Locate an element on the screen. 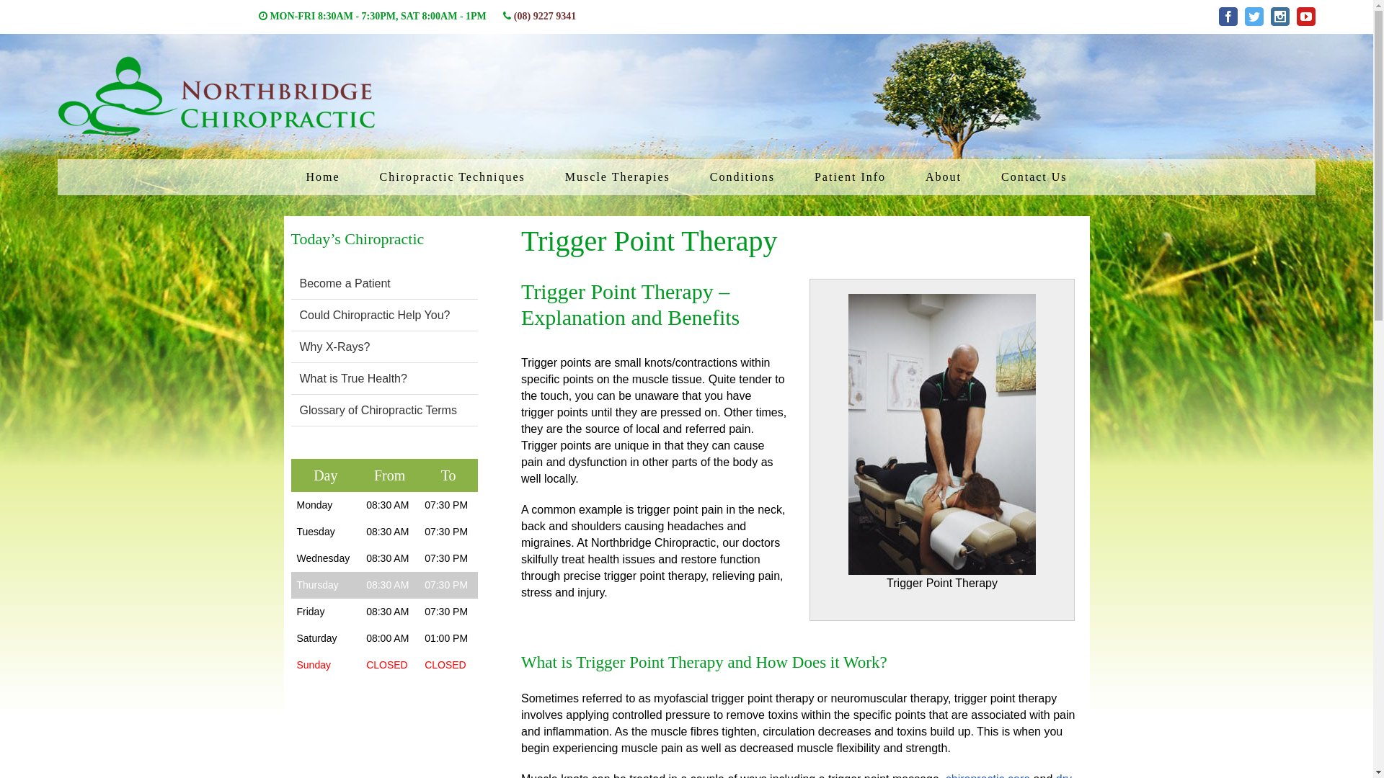  'Twitter' is located at coordinates (1253, 17).